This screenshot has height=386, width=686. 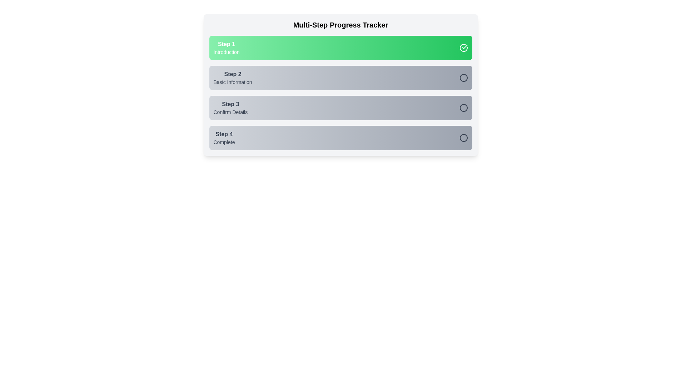 I want to click on the circular toggle button located on the right side of the 'Step 2 Basic Information' section, so click(x=463, y=78).